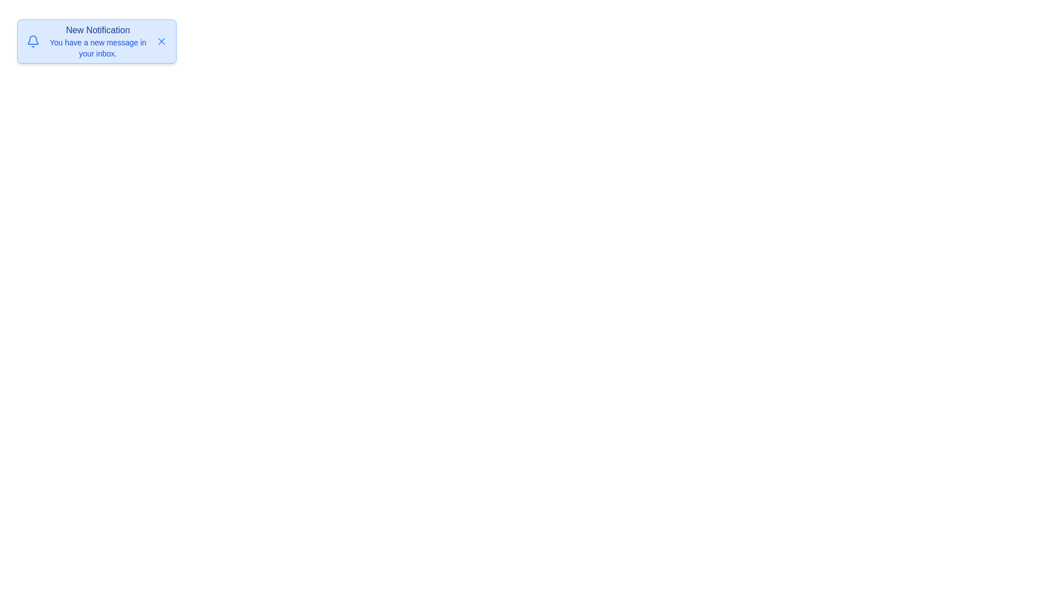  What do you see at coordinates (161, 40) in the screenshot?
I see `the close button located in the top-right corner of the blue notification card` at bounding box center [161, 40].